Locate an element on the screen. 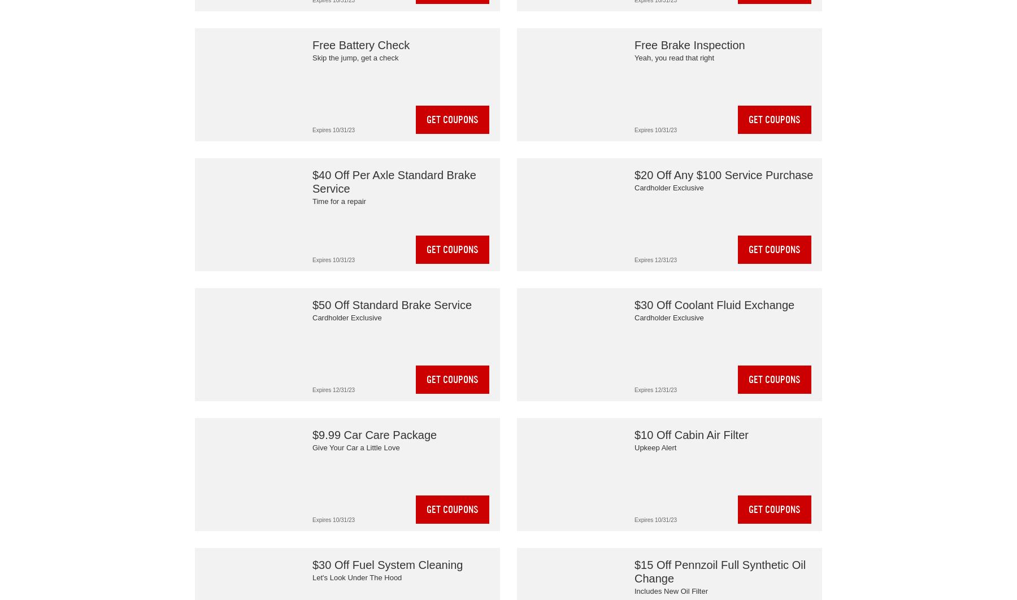  '$40 Off Per Axle Standard Brake Service' is located at coordinates (393, 181).